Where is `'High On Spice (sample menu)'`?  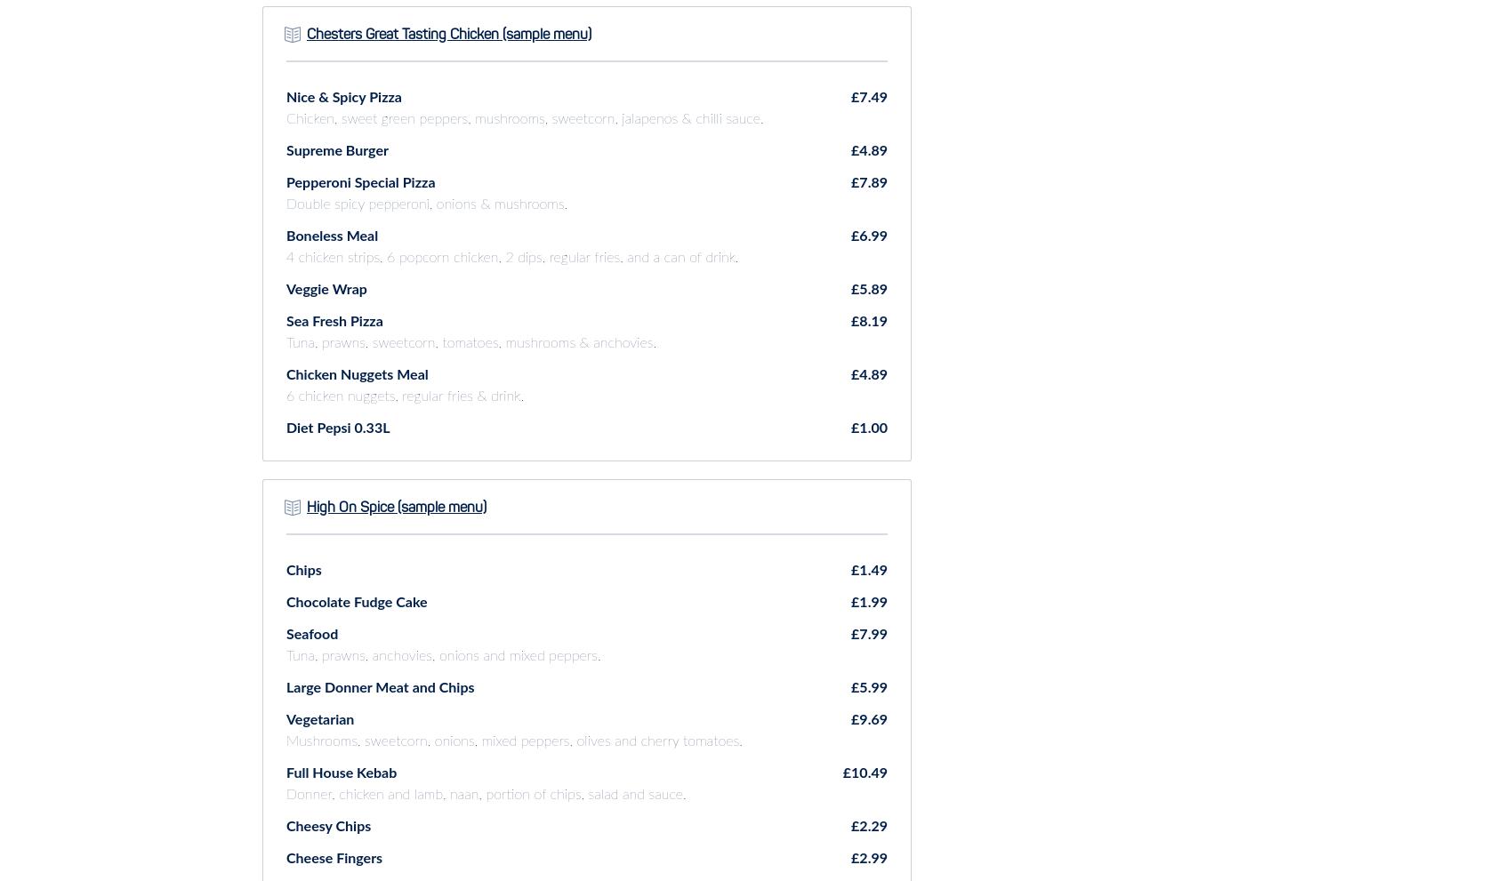 'High On Spice (sample menu)' is located at coordinates (397, 507).